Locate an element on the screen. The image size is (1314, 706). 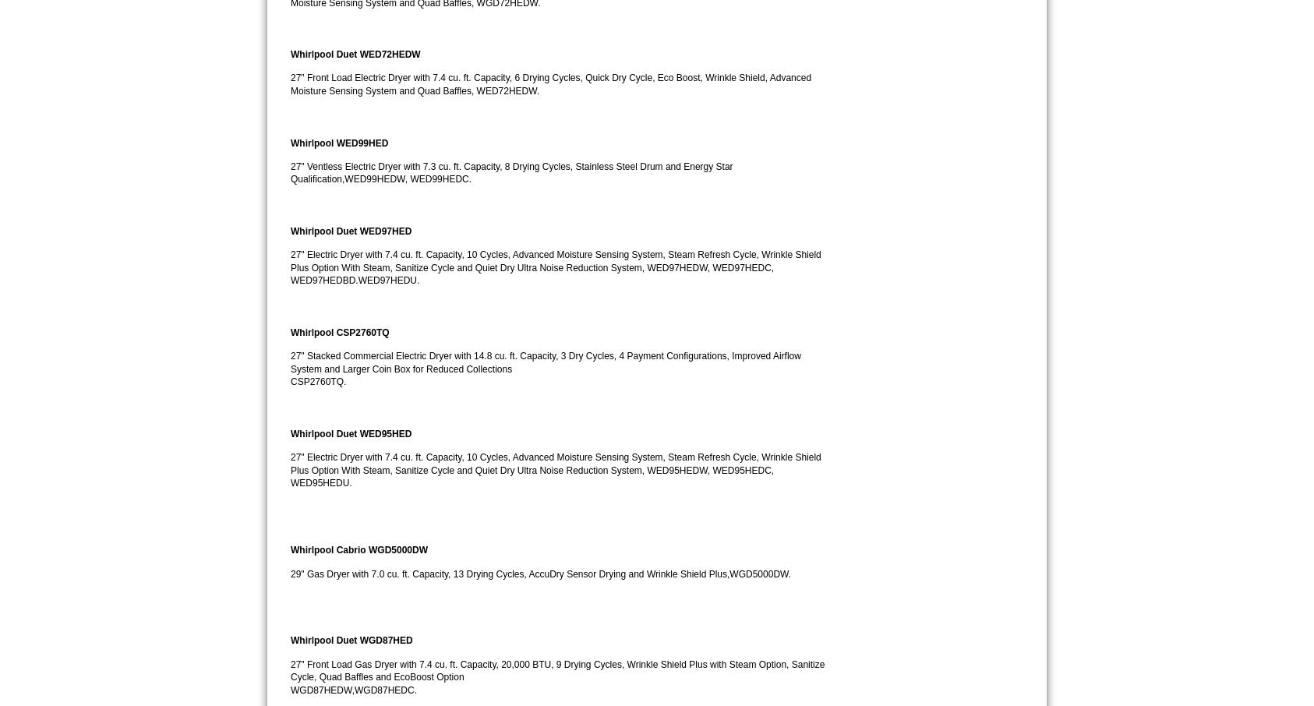
'Whirlpool Duet WED72HEDW' is located at coordinates (355, 55).